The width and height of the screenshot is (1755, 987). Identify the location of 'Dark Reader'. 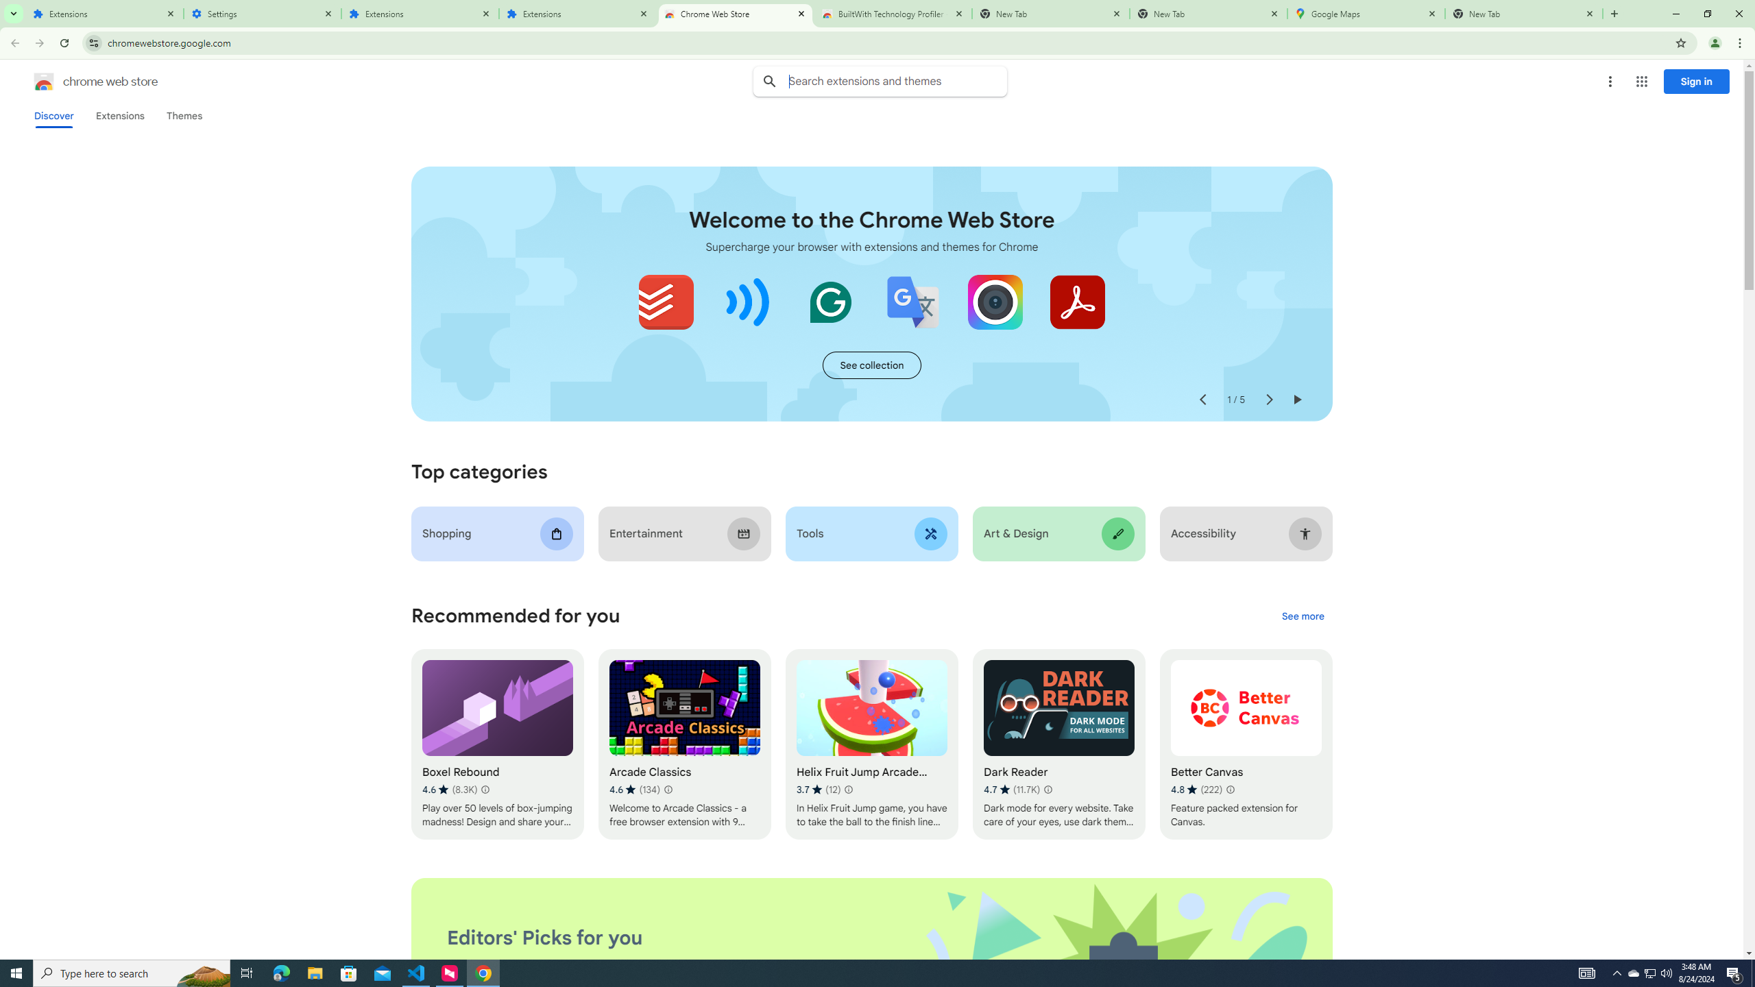
(1058, 744).